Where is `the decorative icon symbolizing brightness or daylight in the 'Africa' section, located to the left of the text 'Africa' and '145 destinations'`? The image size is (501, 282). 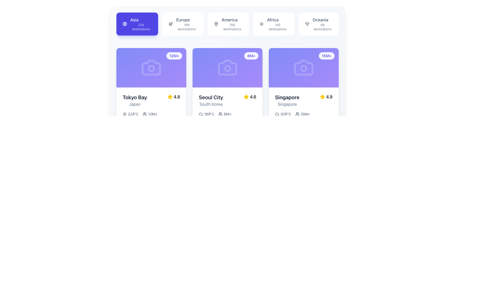 the decorative icon symbolizing brightness or daylight in the 'Africa' section, located to the left of the text 'Africa' and '145 destinations' is located at coordinates (262, 24).